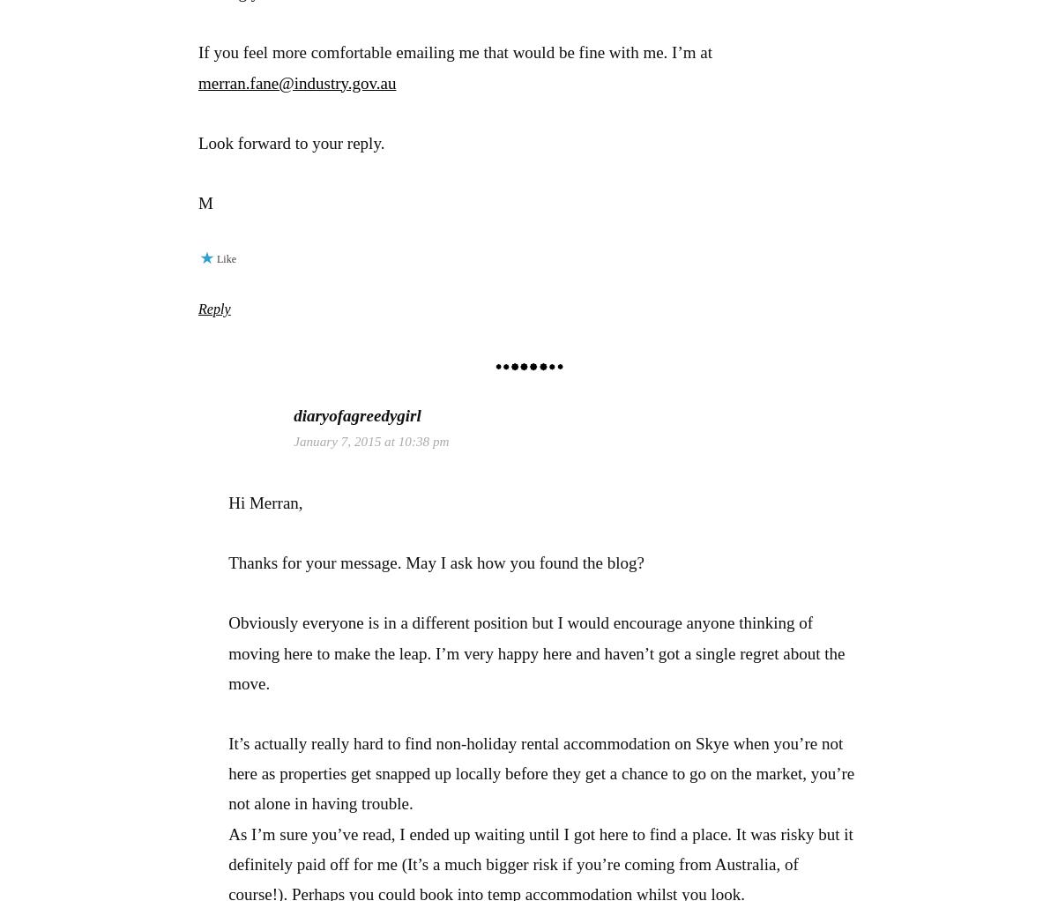  What do you see at coordinates (370, 440) in the screenshot?
I see `'January 7, 2015 at 10:38 pm'` at bounding box center [370, 440].